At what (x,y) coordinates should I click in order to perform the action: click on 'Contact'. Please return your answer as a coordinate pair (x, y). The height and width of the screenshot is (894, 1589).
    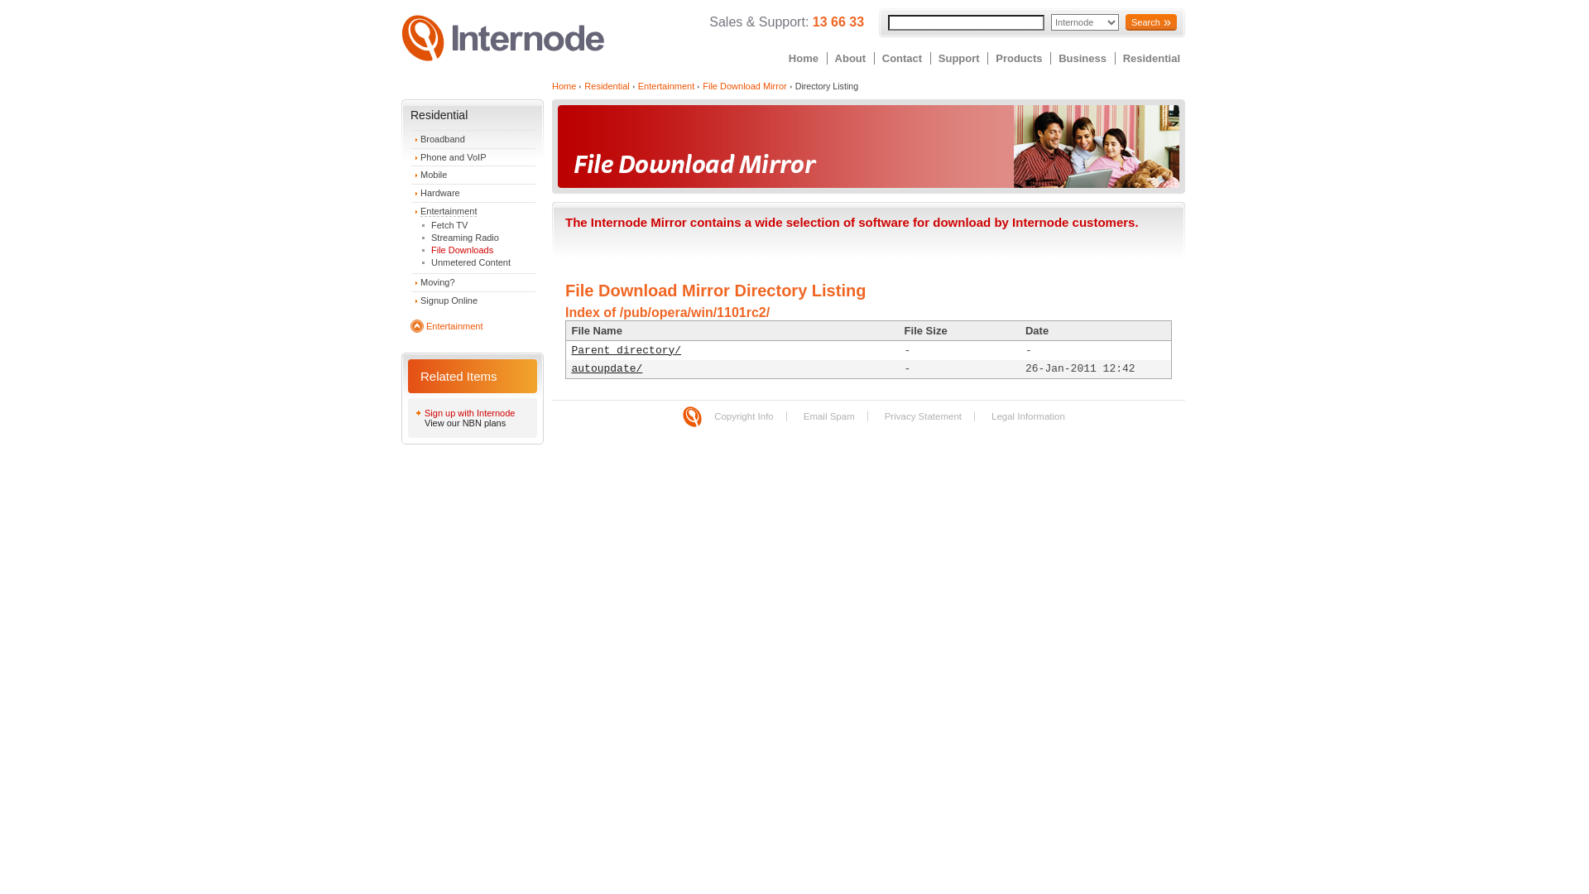
    Looking at the image, I should click on (876, 57).